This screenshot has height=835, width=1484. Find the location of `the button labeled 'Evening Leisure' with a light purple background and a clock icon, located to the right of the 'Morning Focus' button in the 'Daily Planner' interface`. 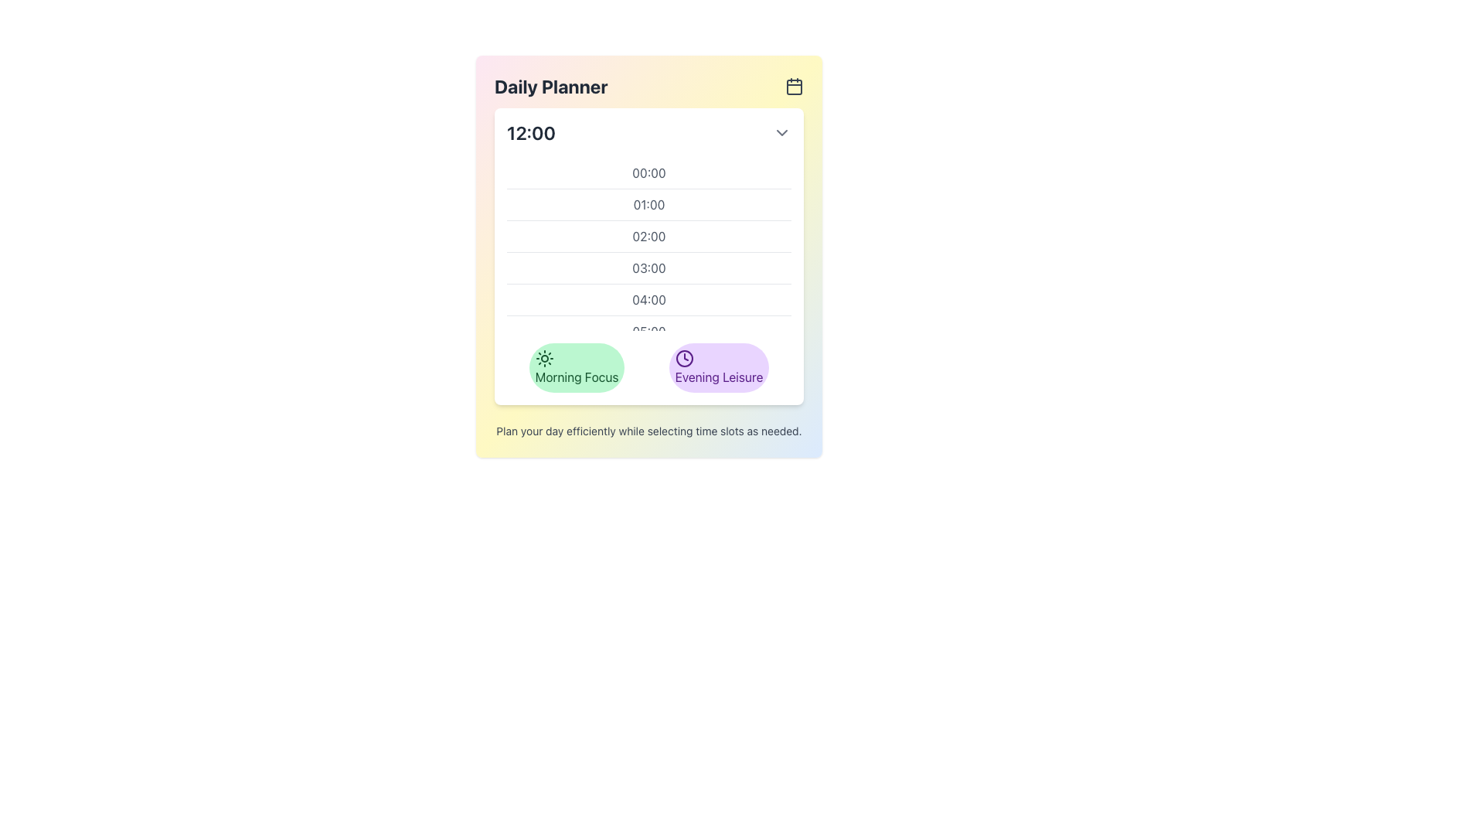

the button labeled 'Evening Leisure' with a light purple background and a clock icon, located to the right of the 'Morning Focus' button in the 'Daily Planner' interface is located at coordinates (718, 367).